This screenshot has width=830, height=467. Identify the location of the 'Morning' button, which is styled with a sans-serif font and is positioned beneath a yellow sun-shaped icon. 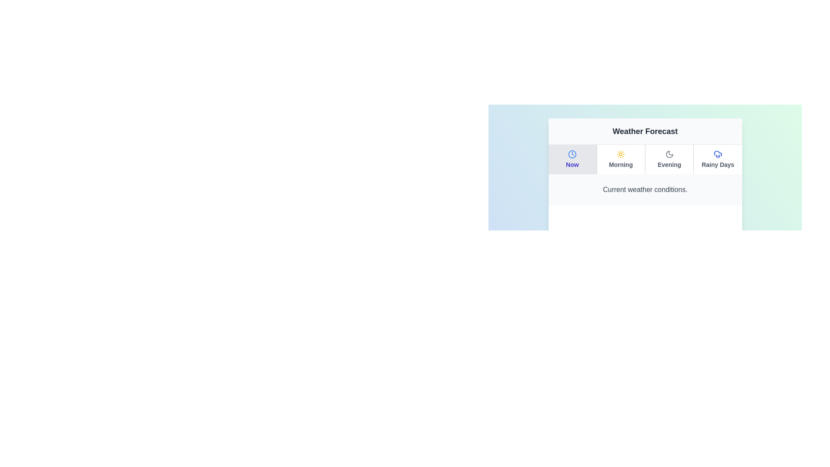
(620, 165).